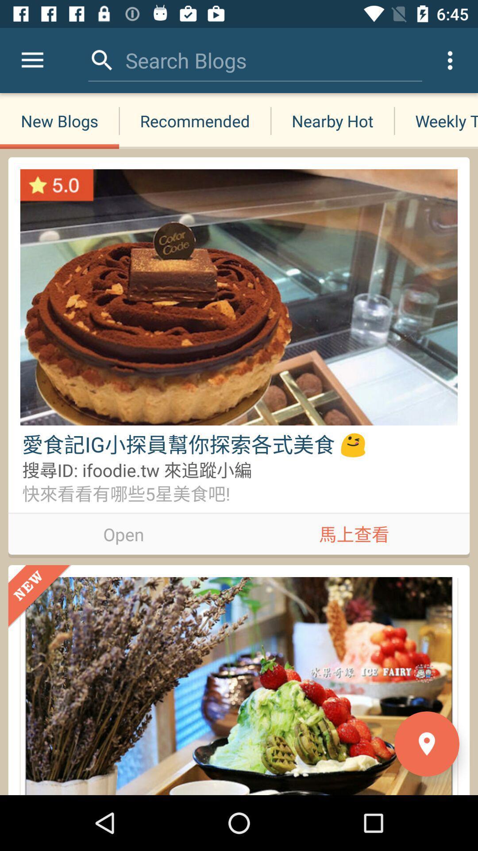 The width and height of the screenshot is (478, 851). What do you see at coordinates (123, 532) in the screenshot?
I see `the option which says open` at bounding box center [123, 532].